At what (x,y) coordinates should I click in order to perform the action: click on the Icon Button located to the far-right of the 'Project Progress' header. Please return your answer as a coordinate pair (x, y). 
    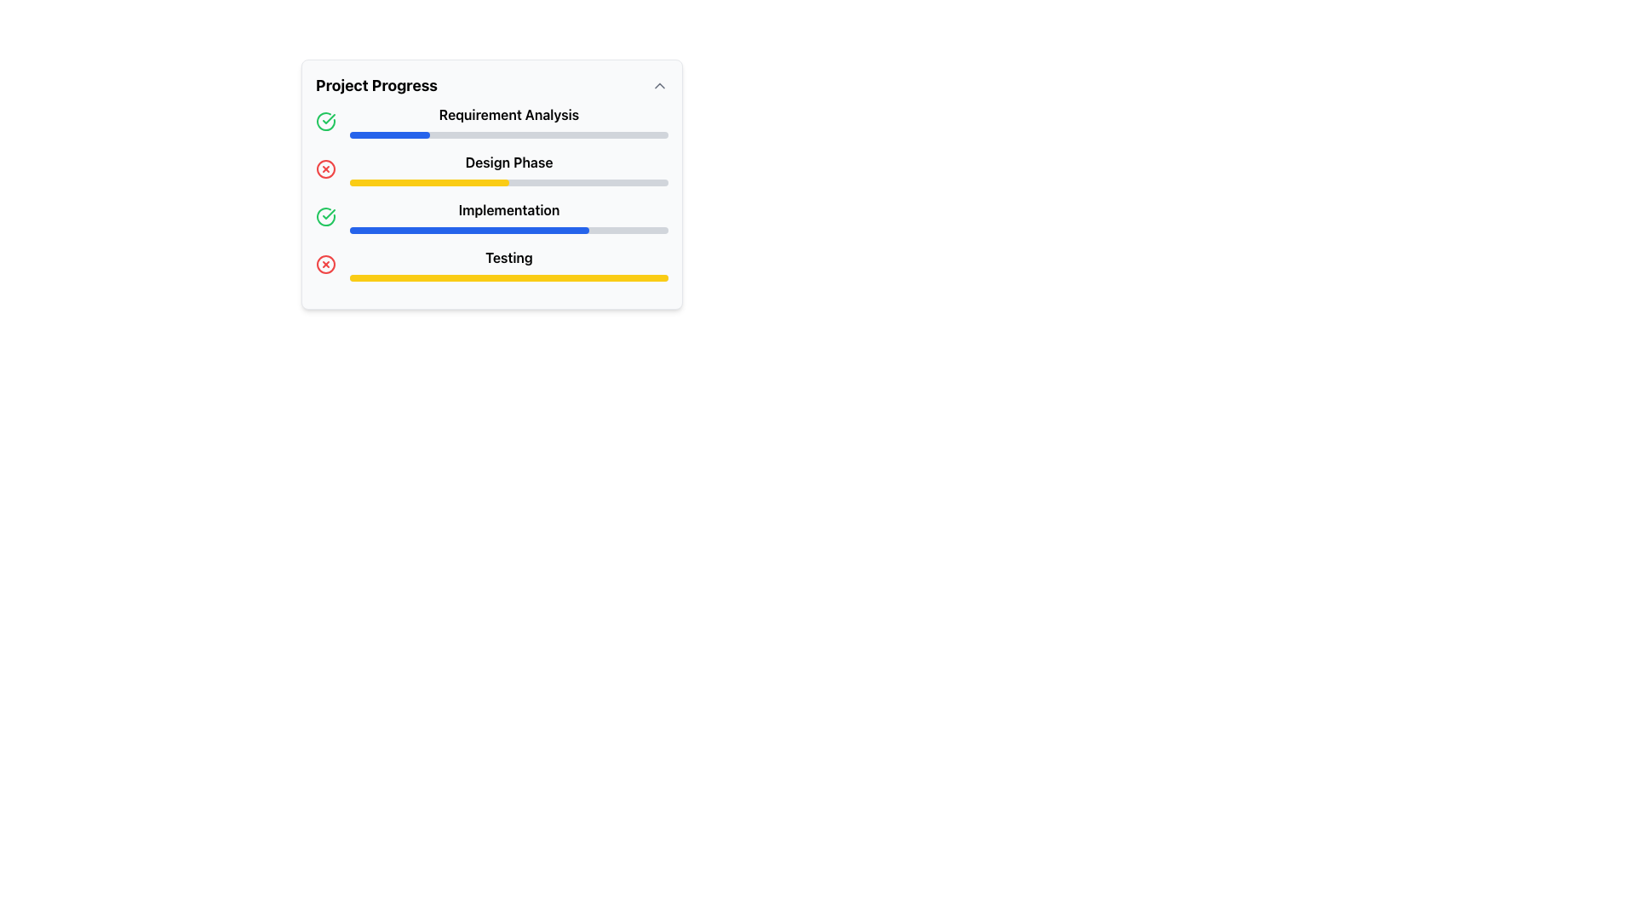
    Looking at the image, I should click on (658, 85).